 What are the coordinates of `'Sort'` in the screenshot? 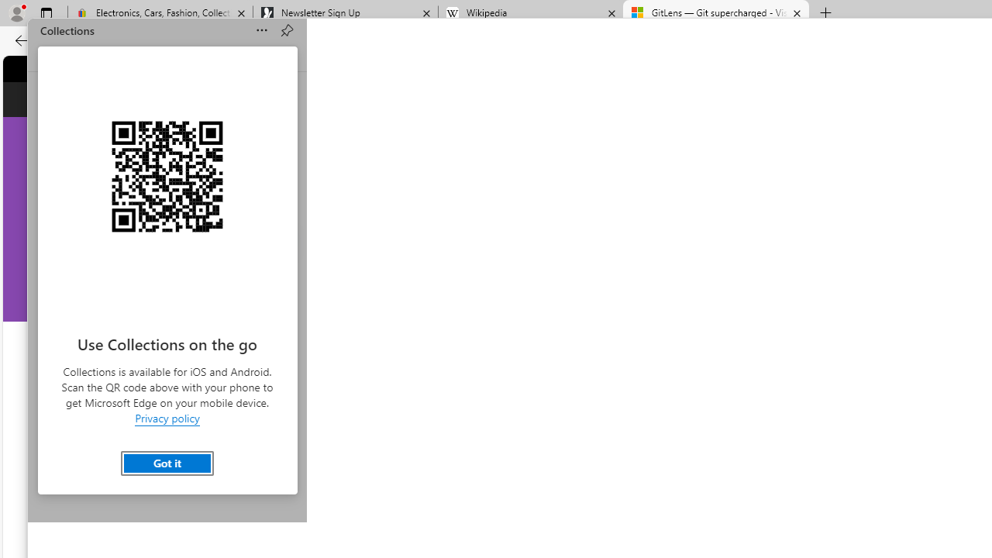 It's located at (261, 30).